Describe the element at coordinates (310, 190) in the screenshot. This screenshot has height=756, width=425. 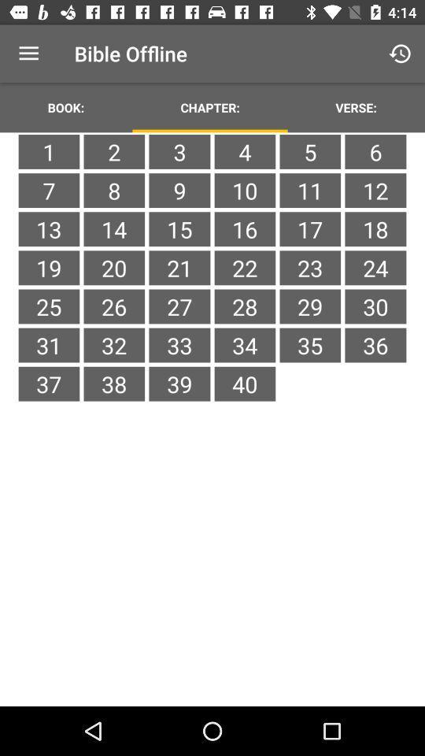
I see `the 11 icon` at that location.